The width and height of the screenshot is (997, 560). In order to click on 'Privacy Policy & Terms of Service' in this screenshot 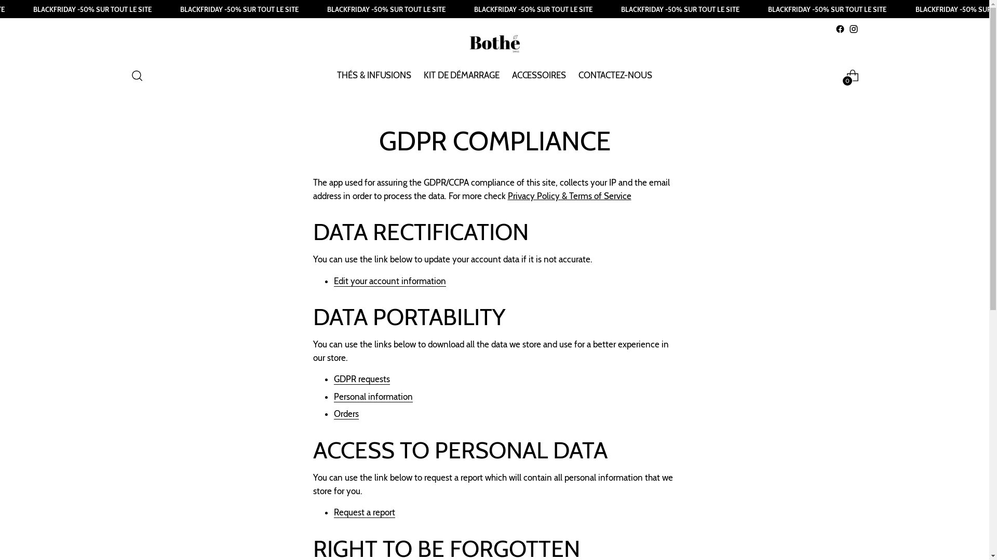, I will do `click(569, 196)`.